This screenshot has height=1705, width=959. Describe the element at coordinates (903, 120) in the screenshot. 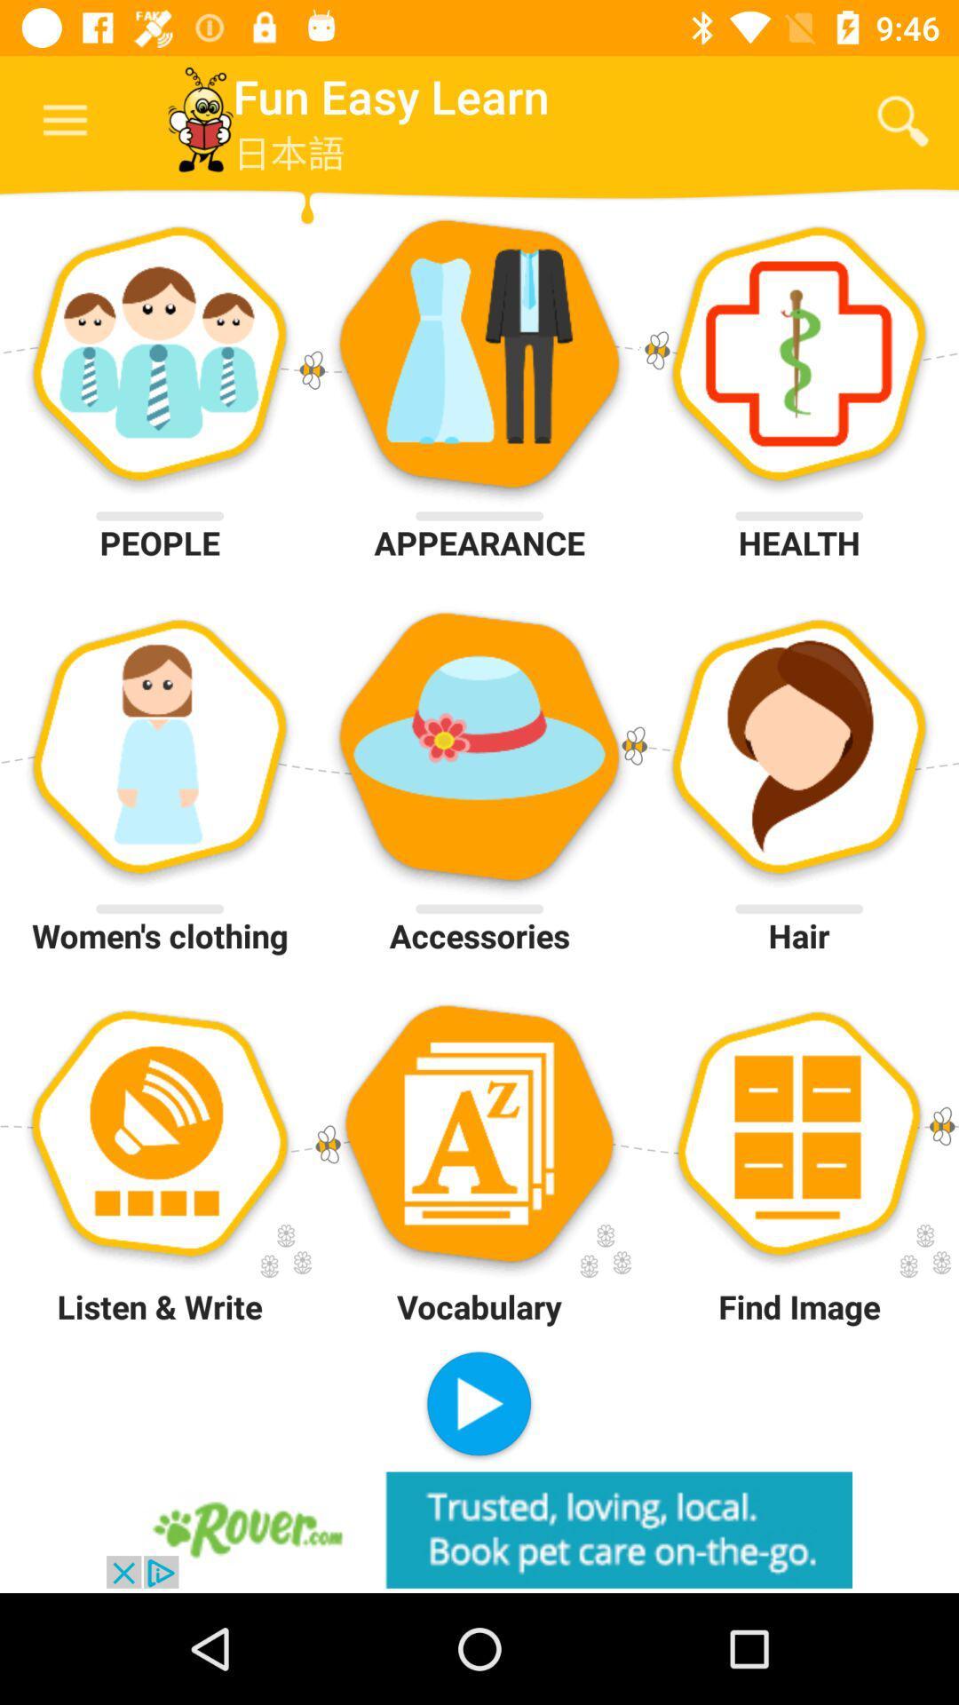

I see `the icon next to fun easy learn` at that location.